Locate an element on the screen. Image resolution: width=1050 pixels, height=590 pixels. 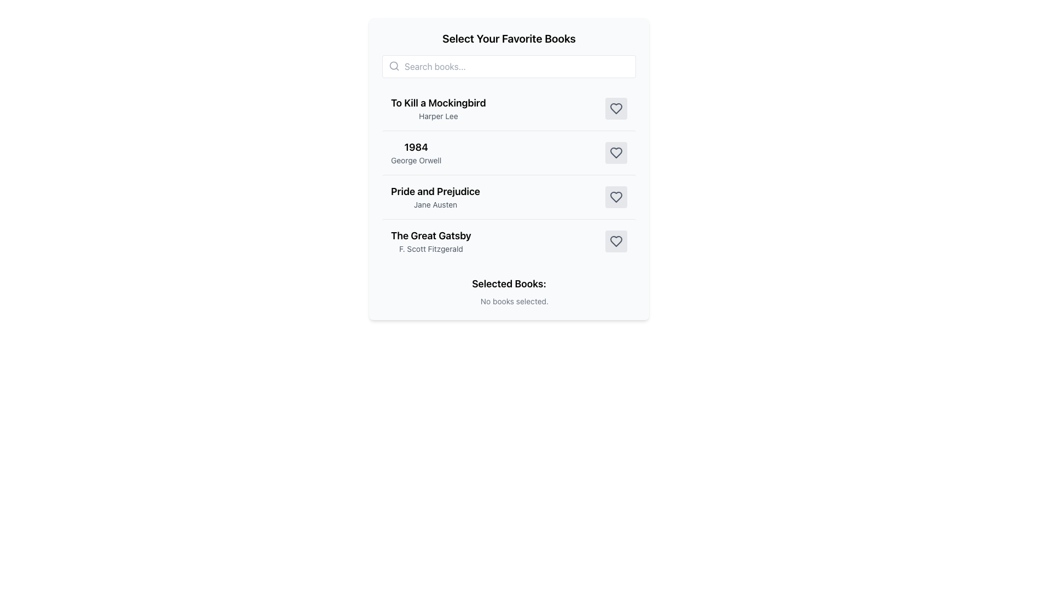
the text block displaying the title and author of 'Pride and Prejudice' by Jane Austen is located at coordinates (435, 197).